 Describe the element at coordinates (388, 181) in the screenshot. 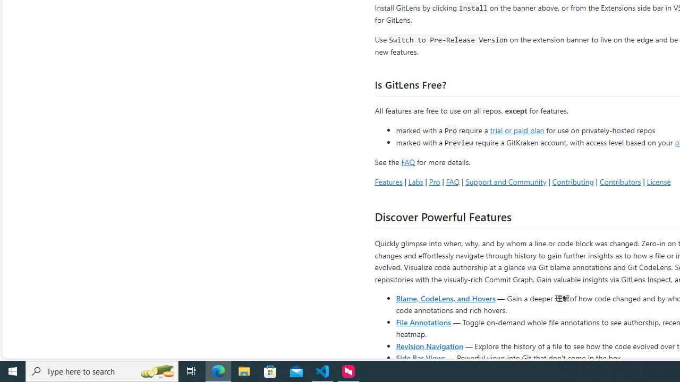

I see `'Features'` at that location.